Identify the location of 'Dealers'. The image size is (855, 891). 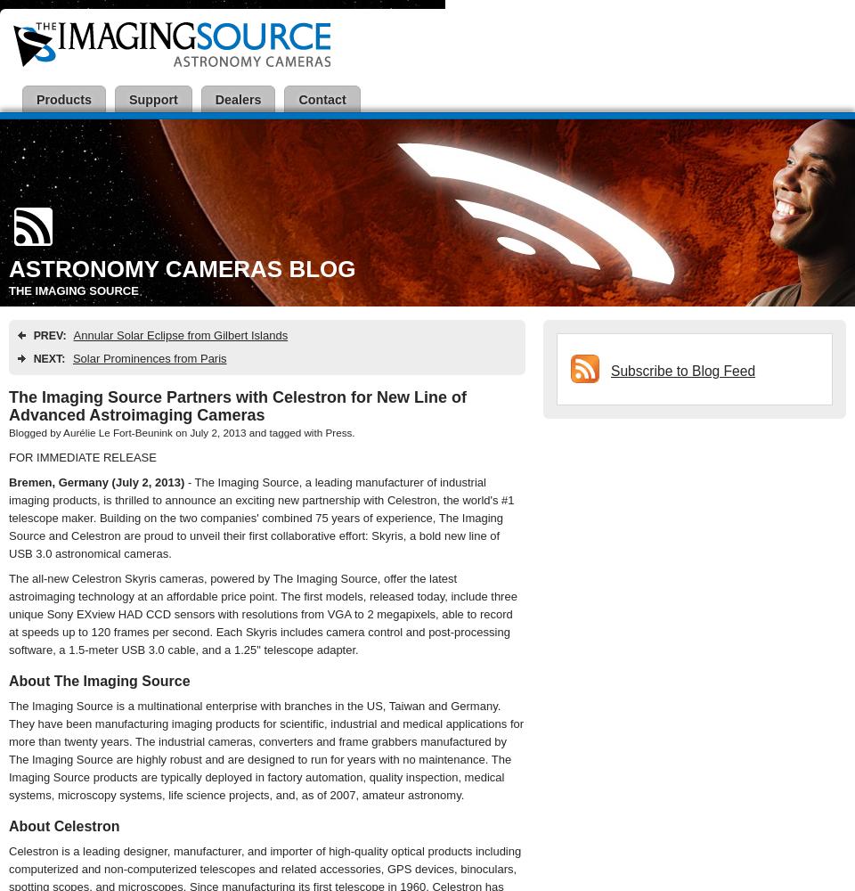
(236, 99).